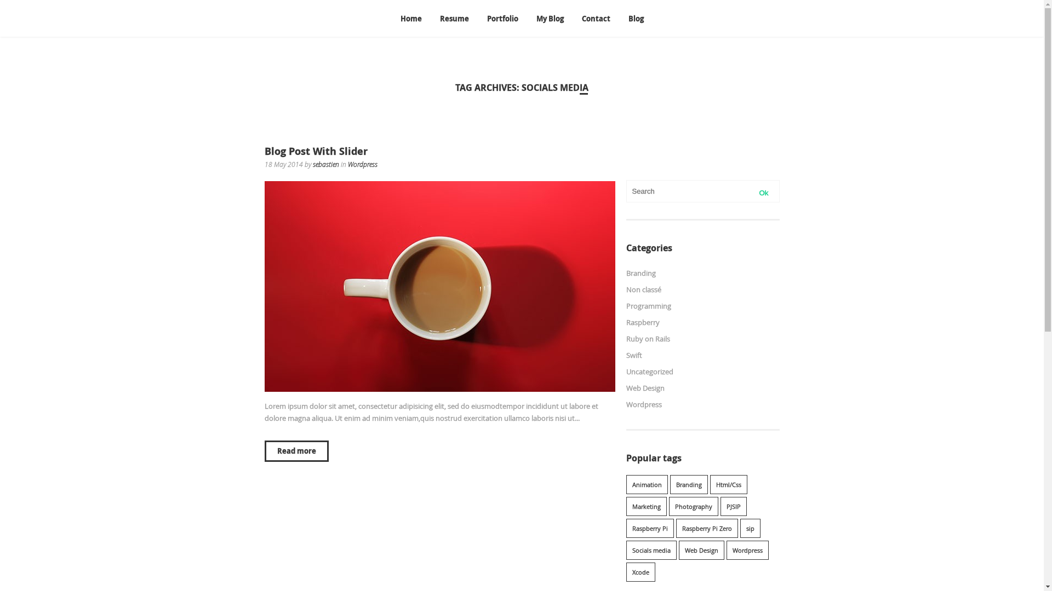  What do you see at coordinates (640, 571) in the screenshot?
I see `'Xcode'` at bounding box center [640, 571].